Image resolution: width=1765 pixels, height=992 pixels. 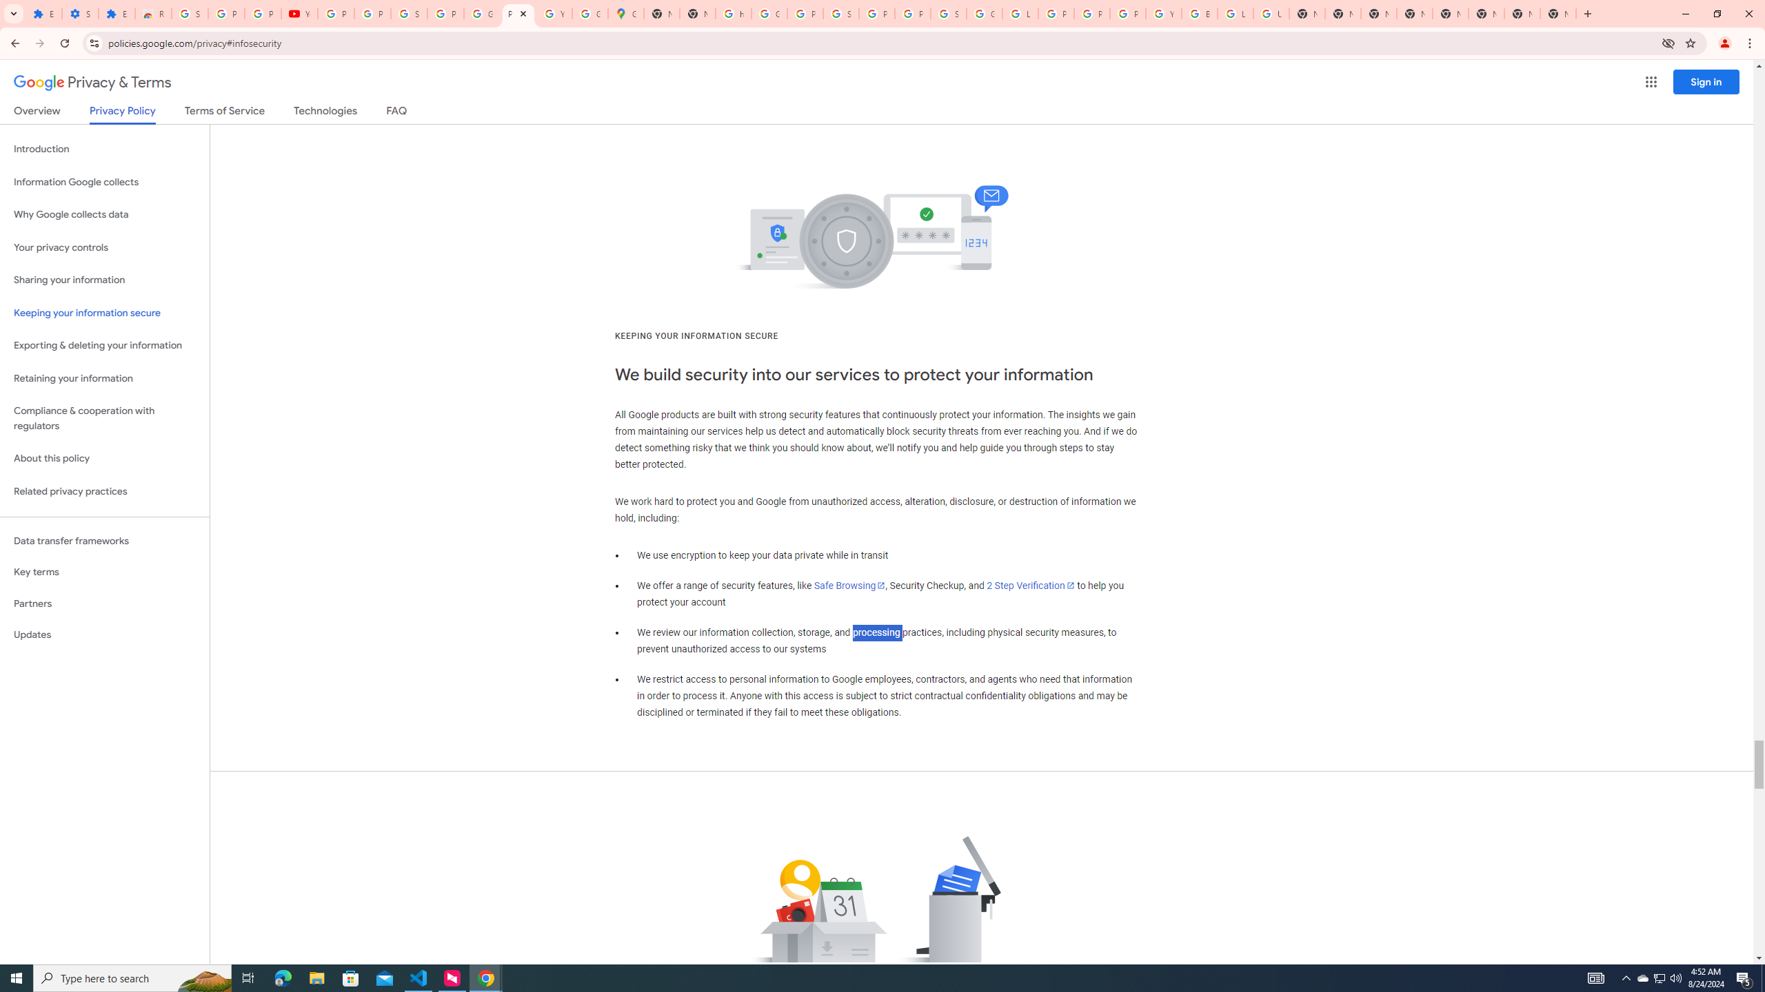 I want to click on 'Safe Browsing', so click(x=849, y=586).